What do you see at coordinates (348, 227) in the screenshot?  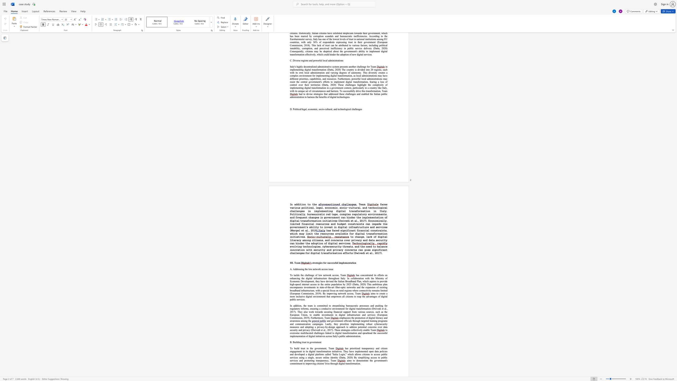 I see `the subset text "infrastructure and ser" within the text "l infrastructure and services (Mergel et al., 2019"` at bounding box center [348, 227].